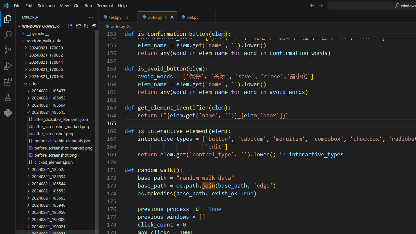  What do you see at coordinates (312, 5) in the screenshot?
I see `'Go Back (Alt+LeftArrow)'` at bounding box center [312, 5].